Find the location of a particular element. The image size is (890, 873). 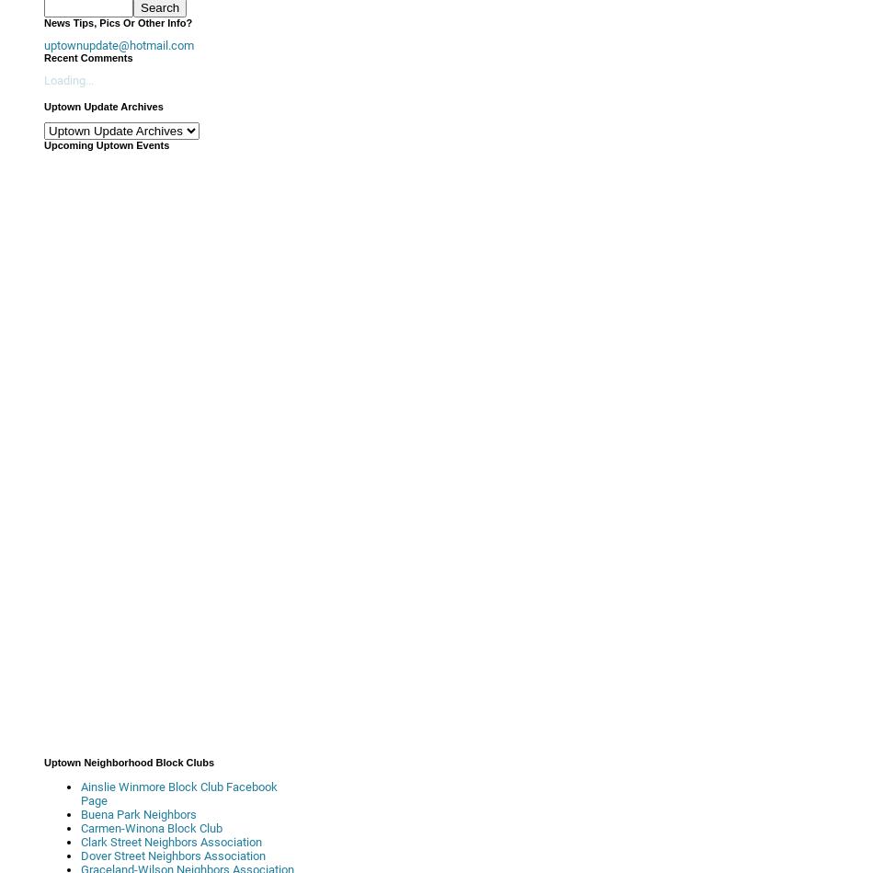

'Recent Comments' is located at coordinates (88, 58).